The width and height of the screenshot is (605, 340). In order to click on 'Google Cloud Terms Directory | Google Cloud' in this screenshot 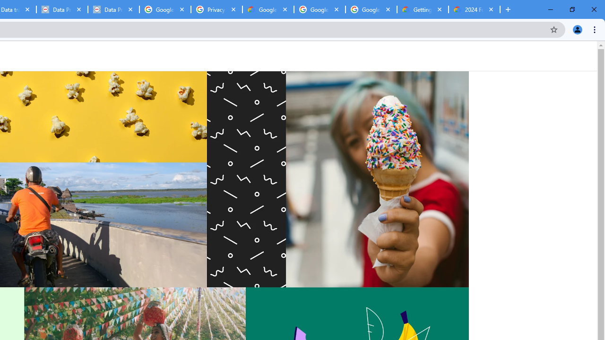, I will do `click(268, 9)`.